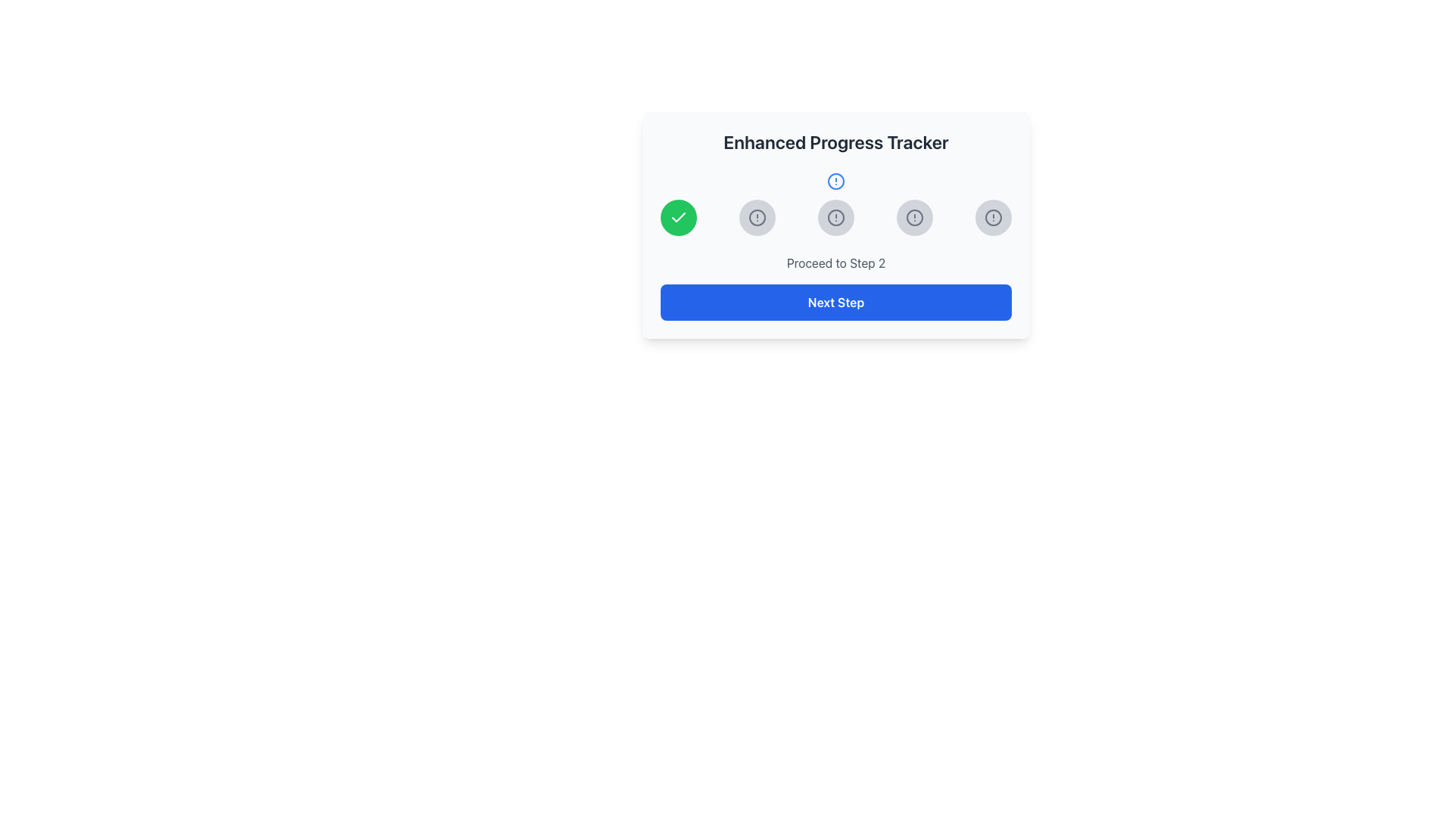  I want to click on the inactive circle graphic located as the fifth item in the horizontal row of progress symbols, so click(994, 218).